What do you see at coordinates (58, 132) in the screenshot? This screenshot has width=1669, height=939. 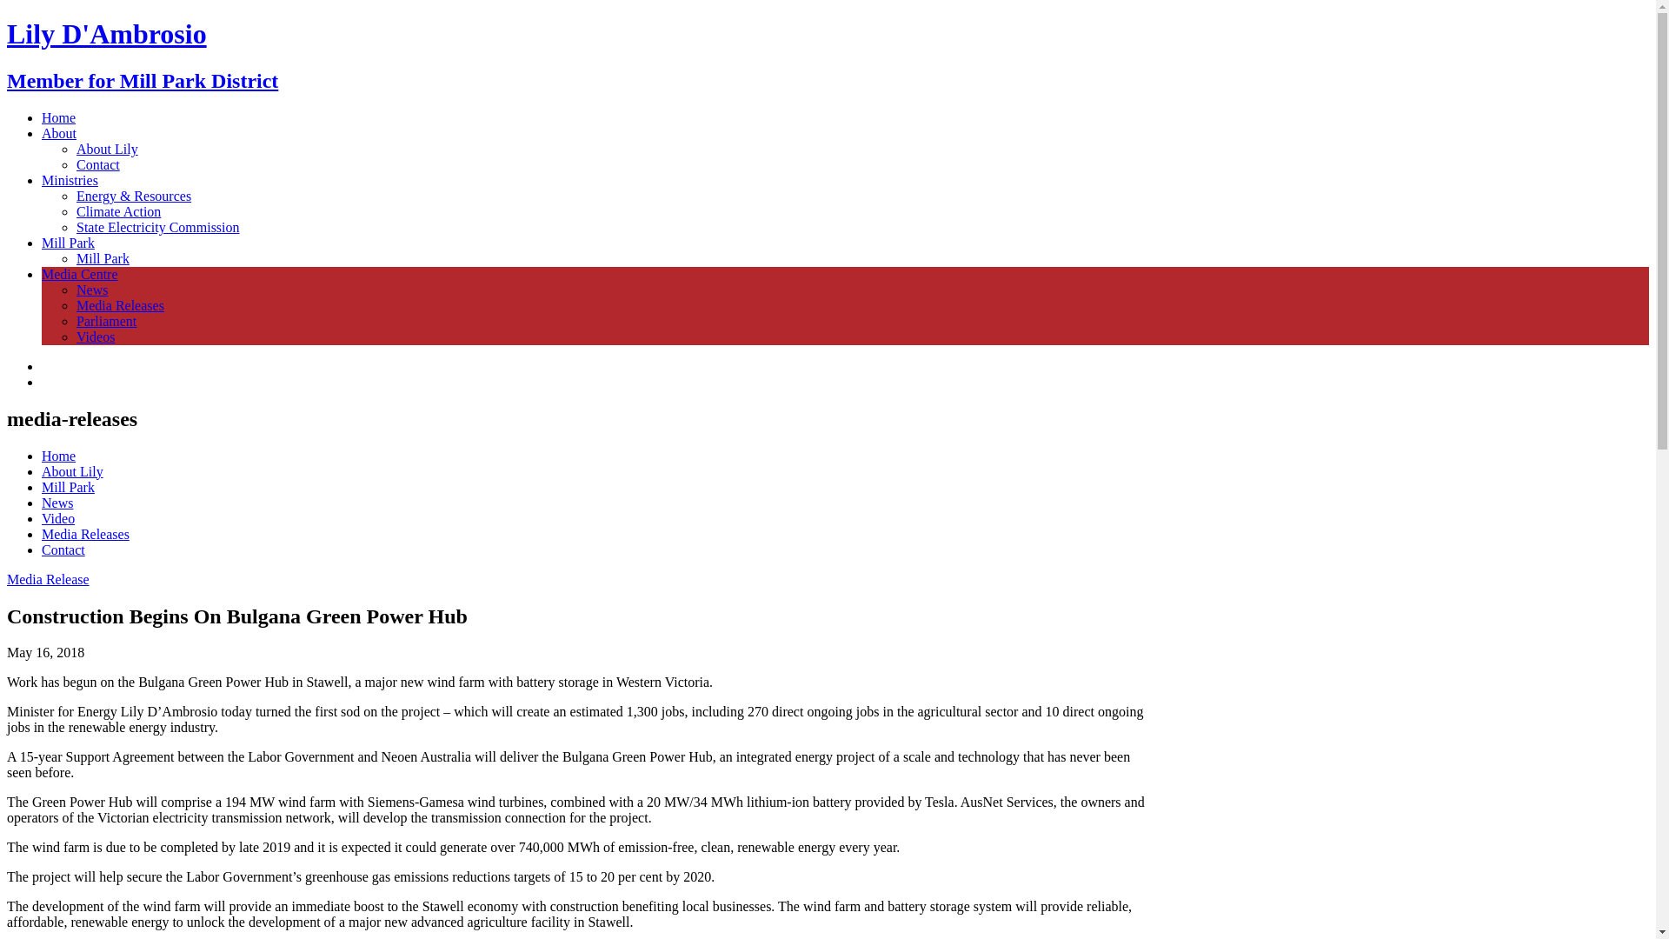 I see `'About'` at bounding box center [58, 132].